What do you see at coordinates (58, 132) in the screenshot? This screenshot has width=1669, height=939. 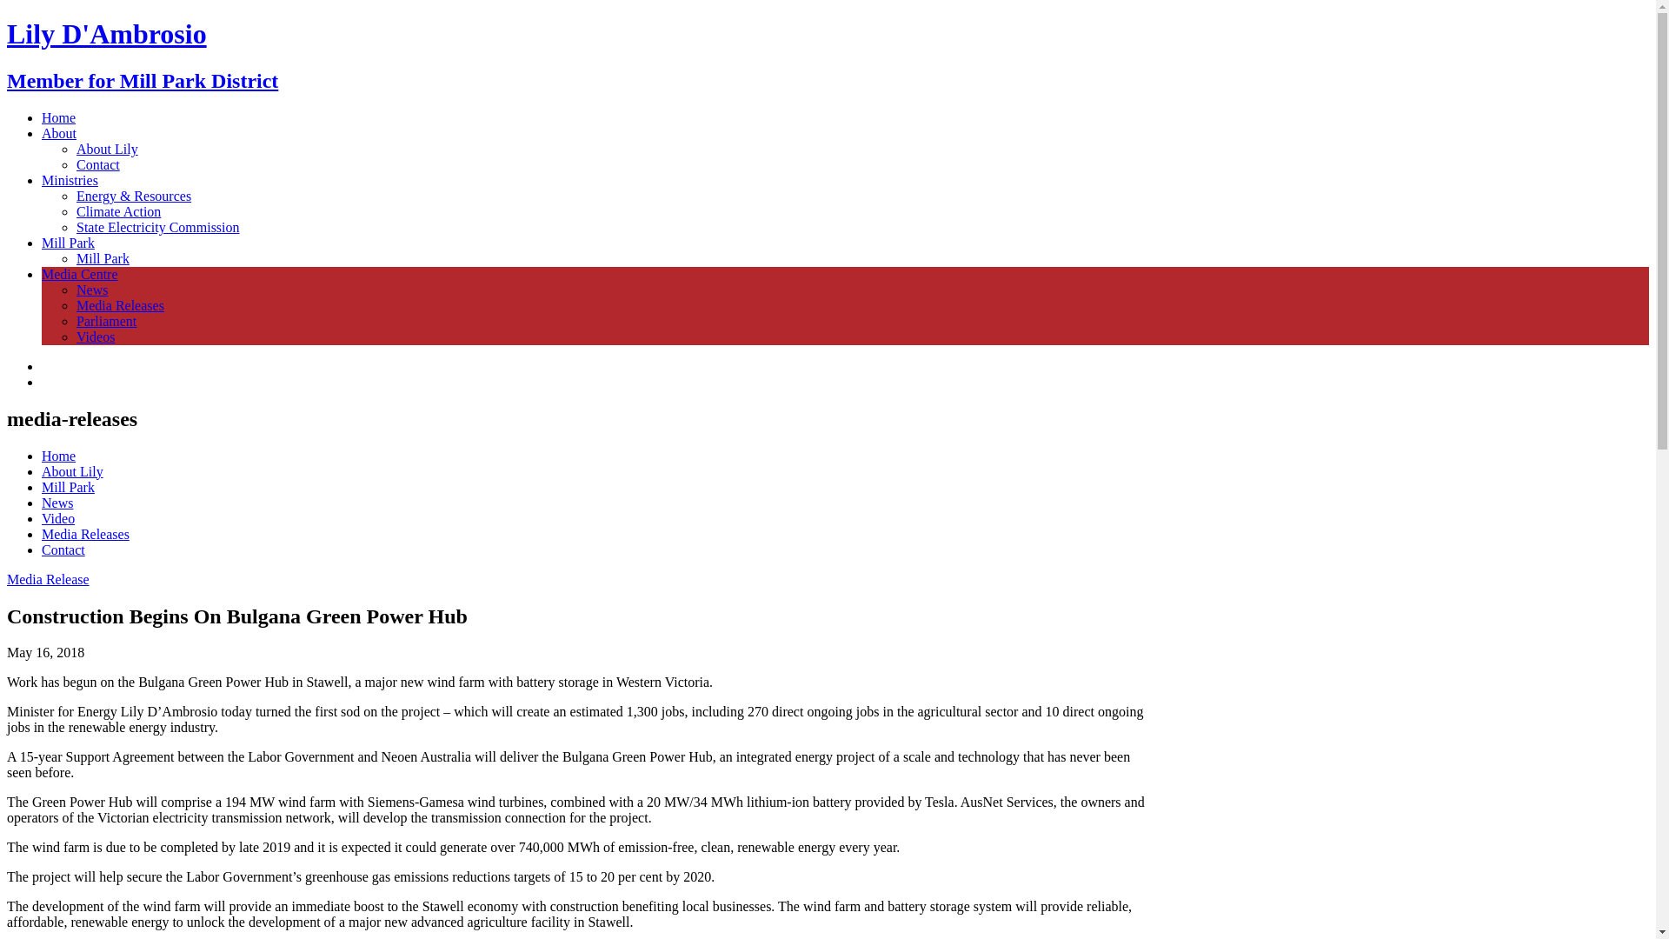 I see `'About'` at bounding box center [58, 132].